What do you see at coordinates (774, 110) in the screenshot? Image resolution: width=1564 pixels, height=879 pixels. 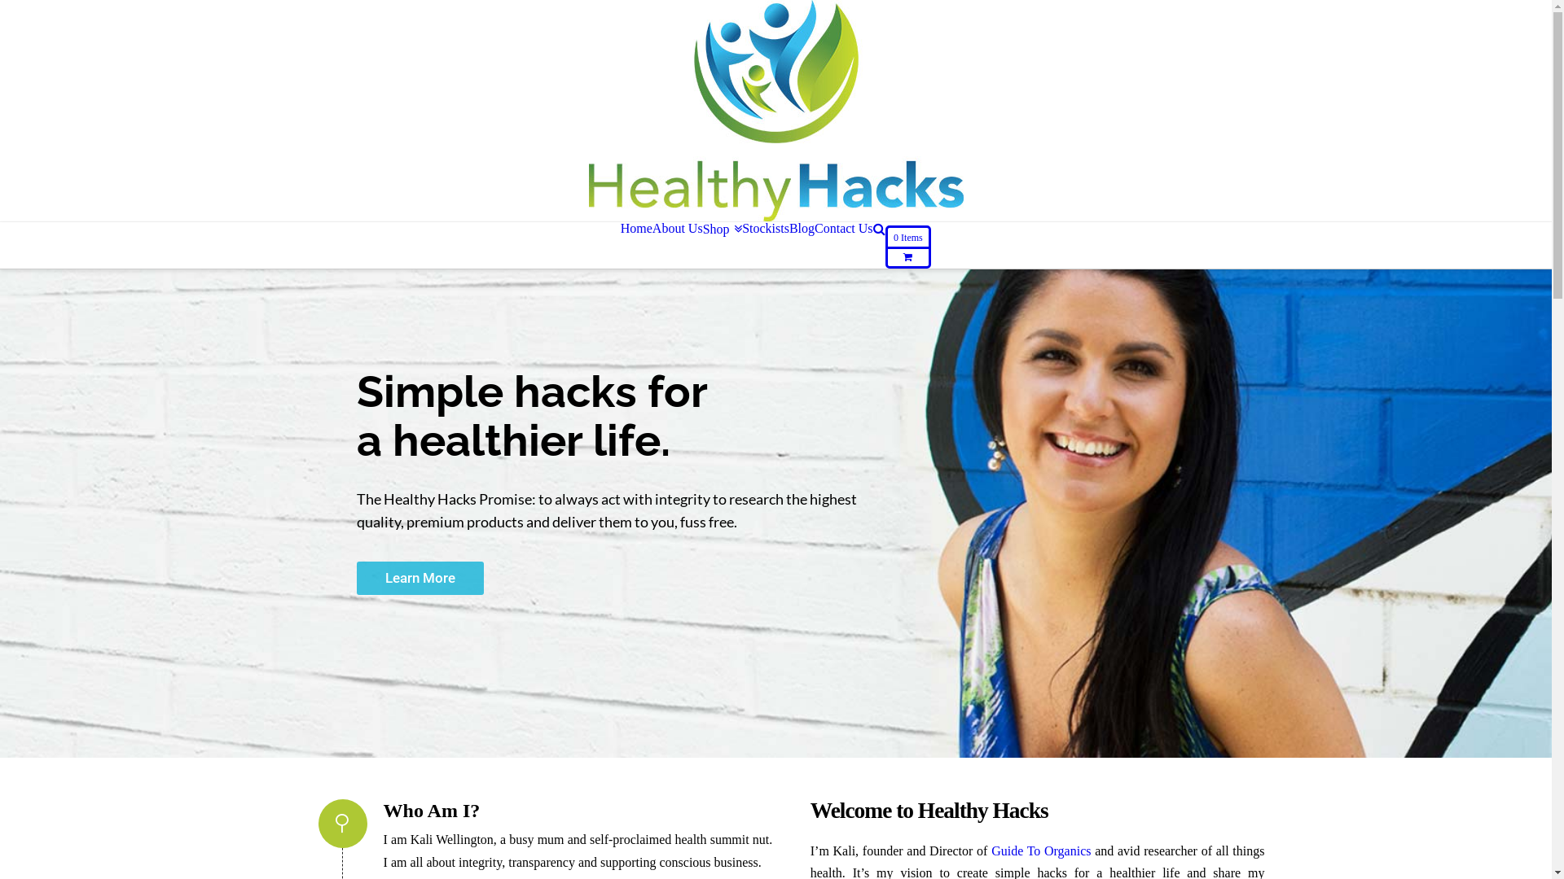 I see `'Hack Your Way To A Healthier Life'` at bounding box center [774, 110].